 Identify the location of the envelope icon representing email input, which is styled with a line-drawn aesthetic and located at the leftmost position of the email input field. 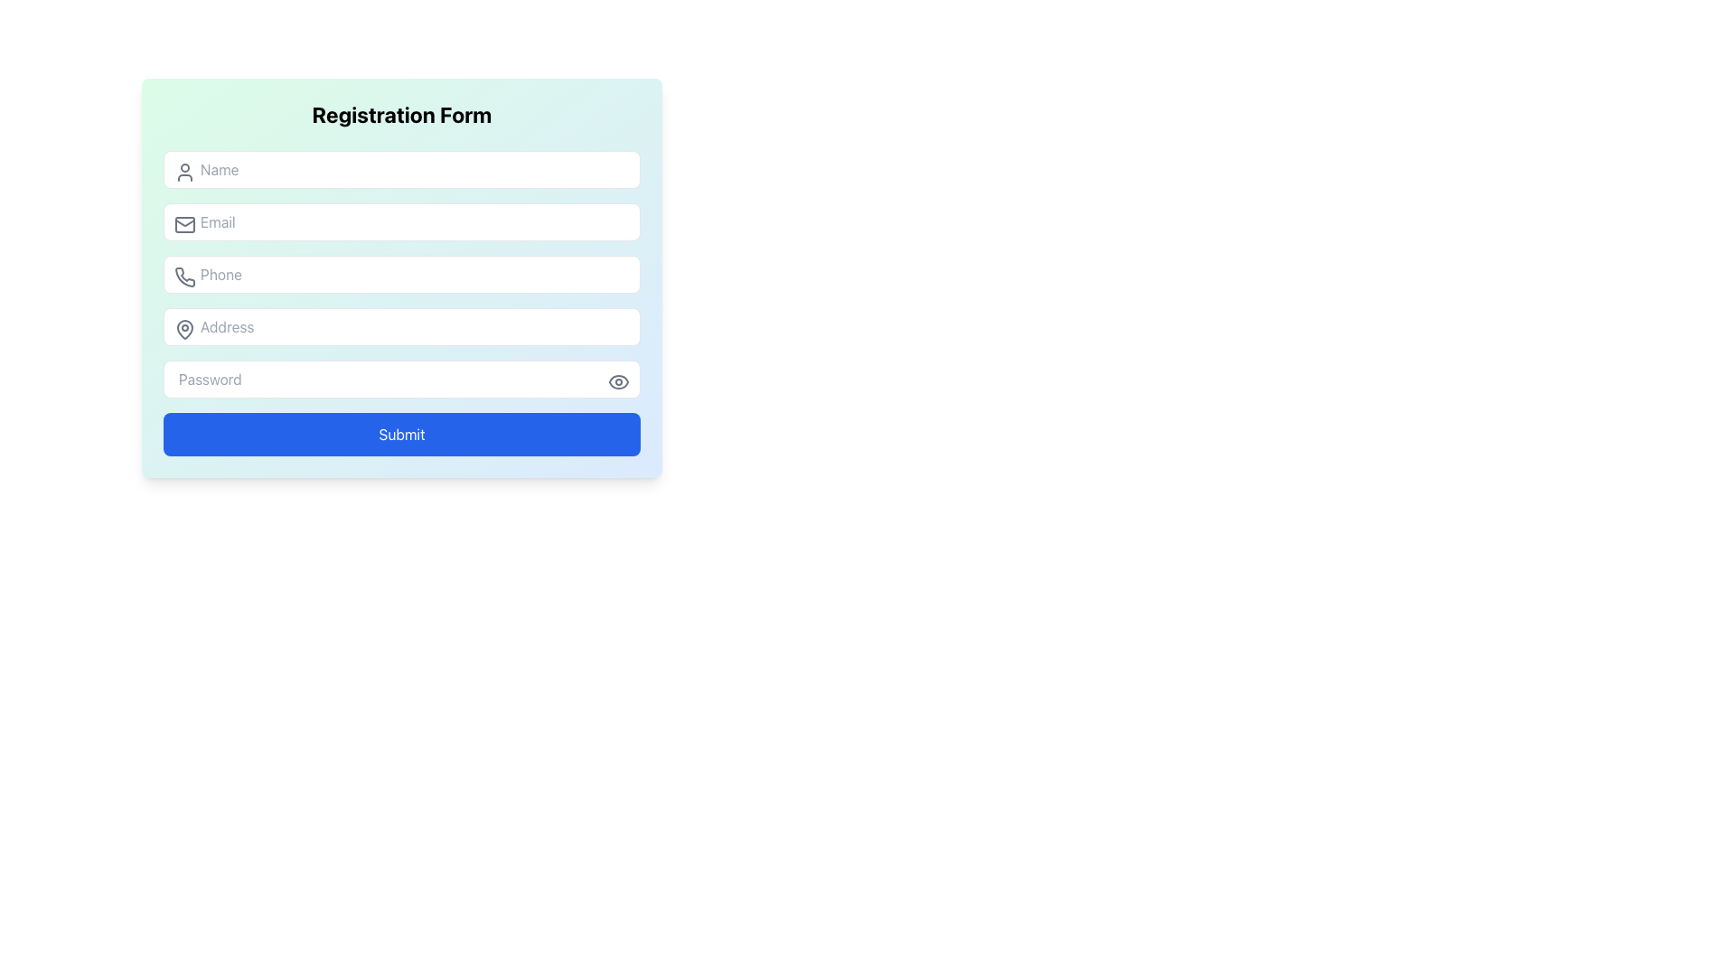
(185, 224).